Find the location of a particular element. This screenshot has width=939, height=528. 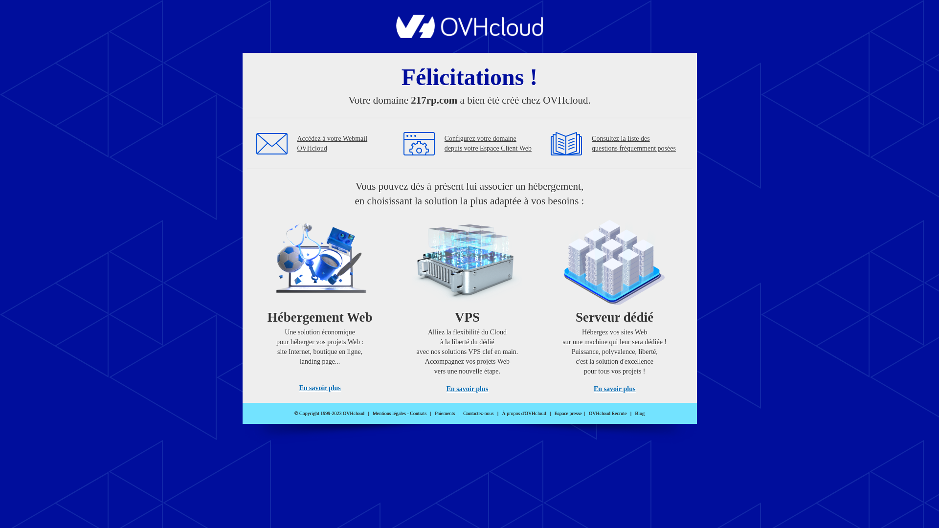

'Configurez votre domaine is located at coordinates (488, 143).